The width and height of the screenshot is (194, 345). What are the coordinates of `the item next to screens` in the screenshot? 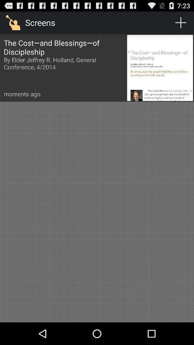 It's located at (180, 22).